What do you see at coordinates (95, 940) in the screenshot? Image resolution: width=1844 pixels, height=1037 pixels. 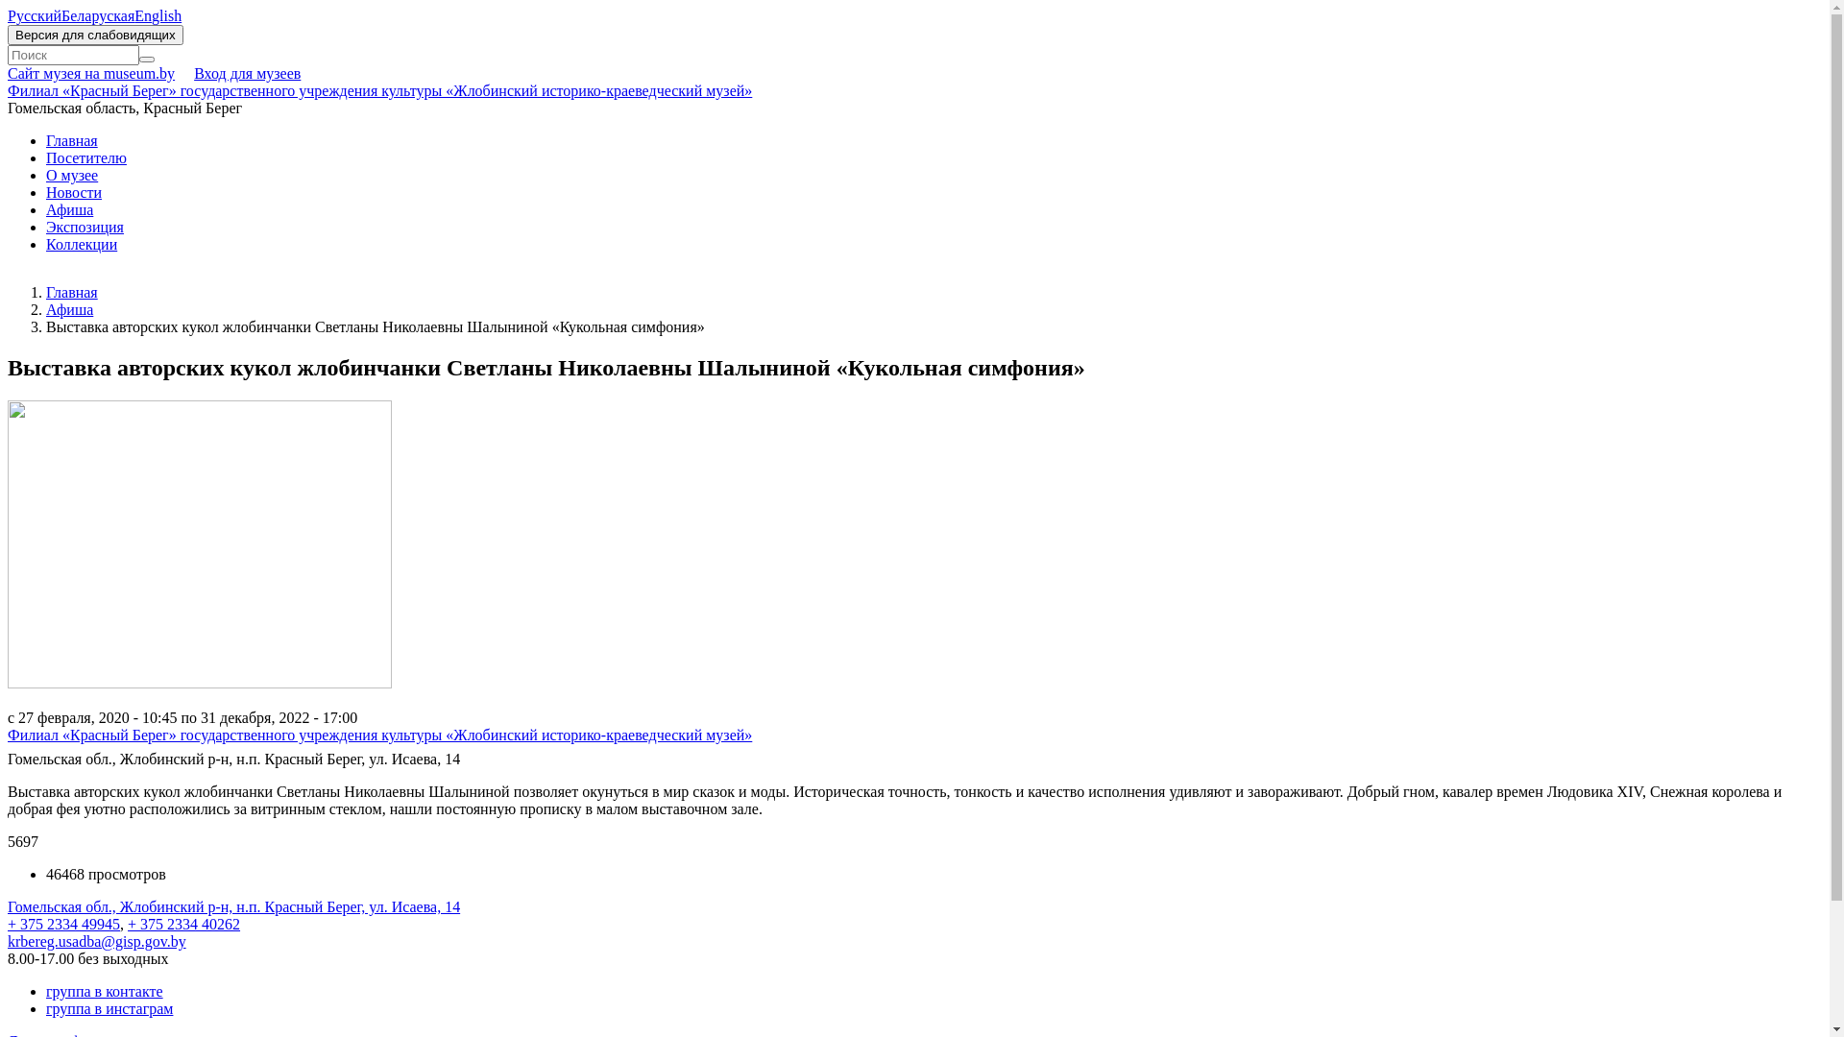 I see `'krbereg.usadba@gisp.gov.by'` at bounding box center [95, 940].